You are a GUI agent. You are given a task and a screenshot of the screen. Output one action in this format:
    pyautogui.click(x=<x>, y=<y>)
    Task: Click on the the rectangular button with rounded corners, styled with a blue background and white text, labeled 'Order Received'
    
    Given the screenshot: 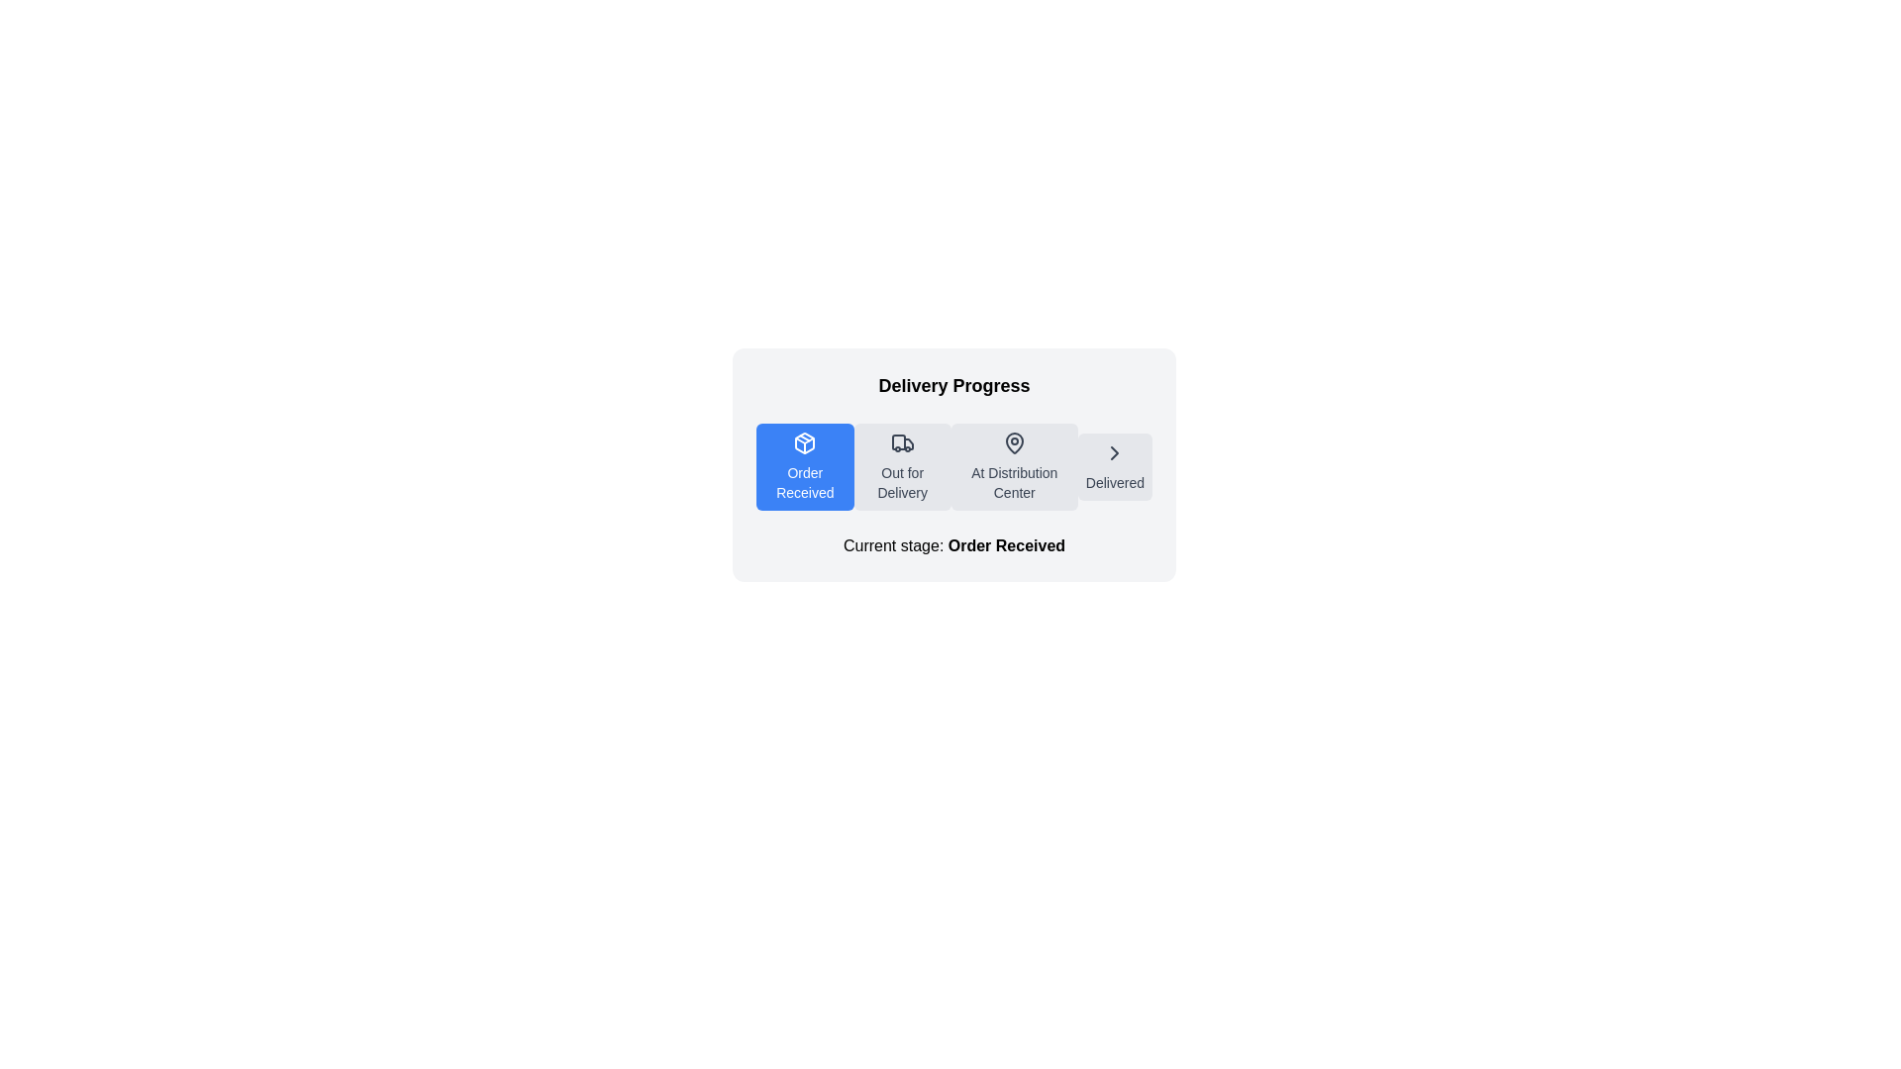 What is the action you would take?
    pyautogui.click(x=805, y=466)
    